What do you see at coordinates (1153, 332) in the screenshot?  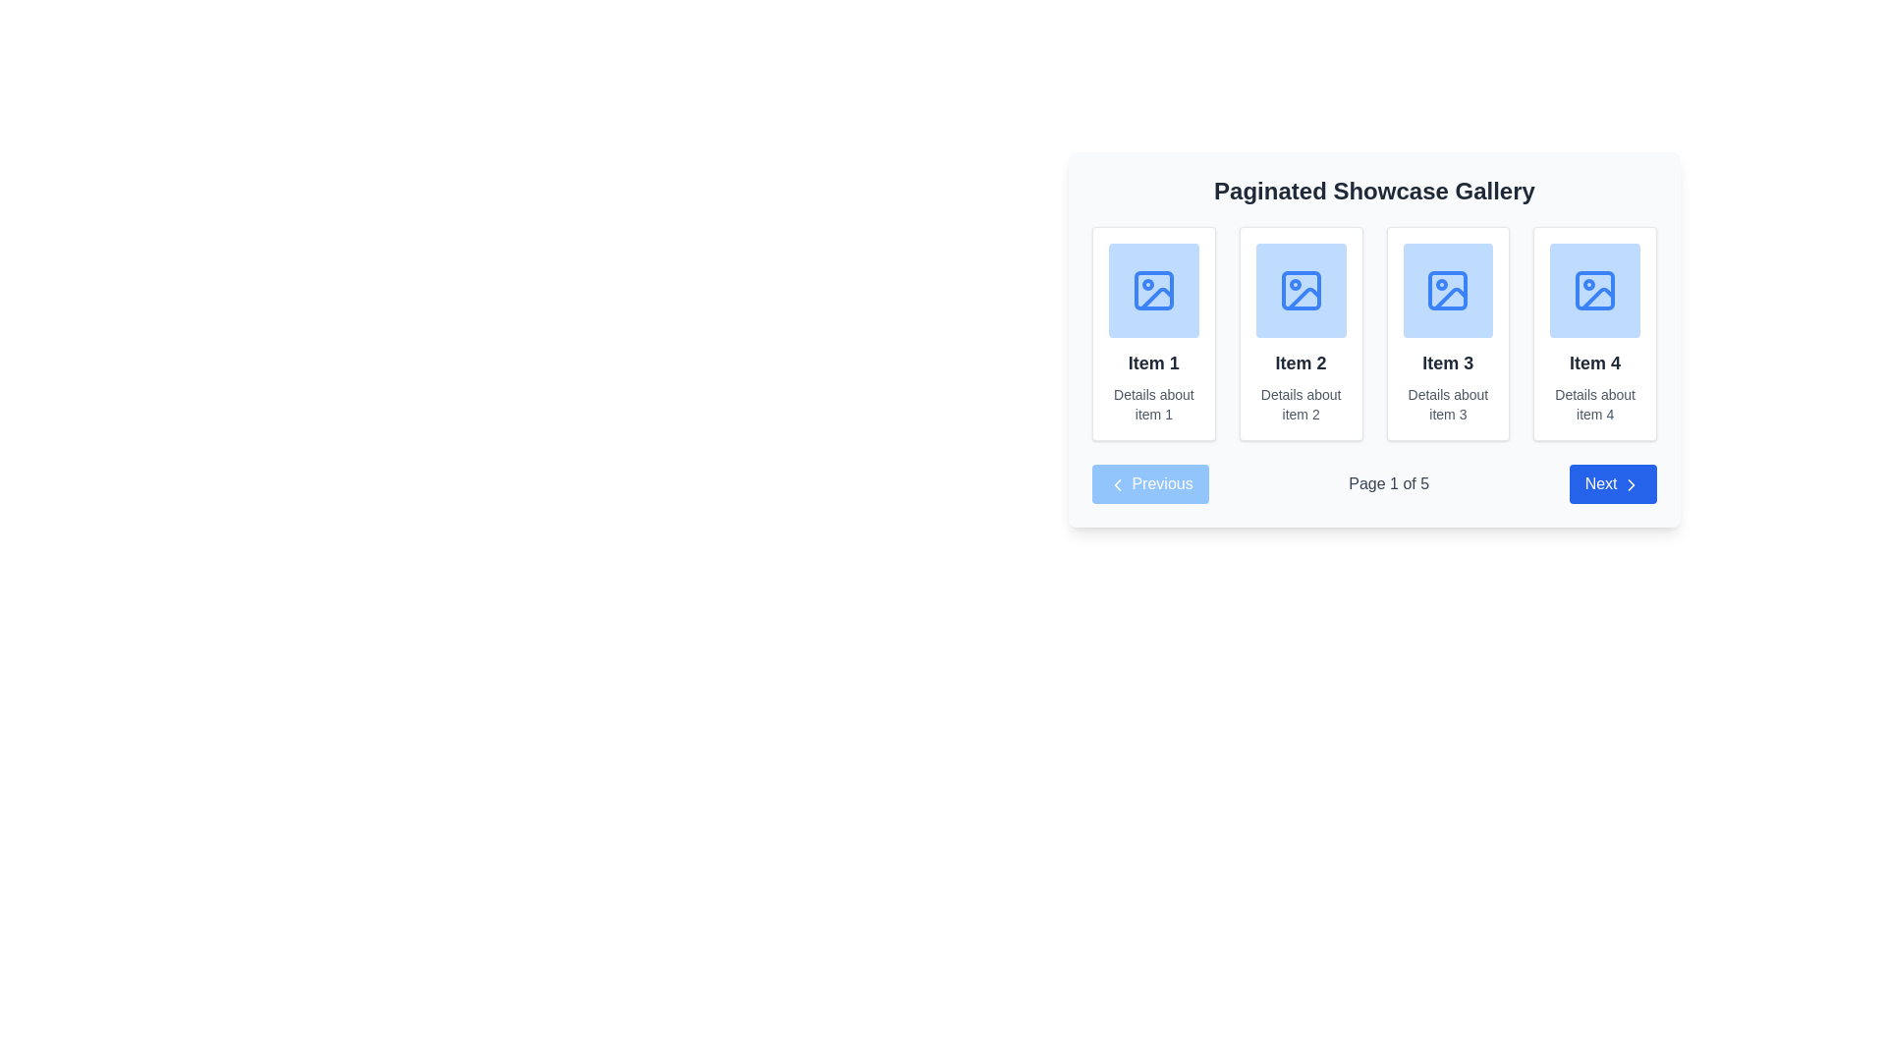 I see `the first item card in the gallery grid, which displays a preview image, title, and description` at bounding box center [1153, 332].